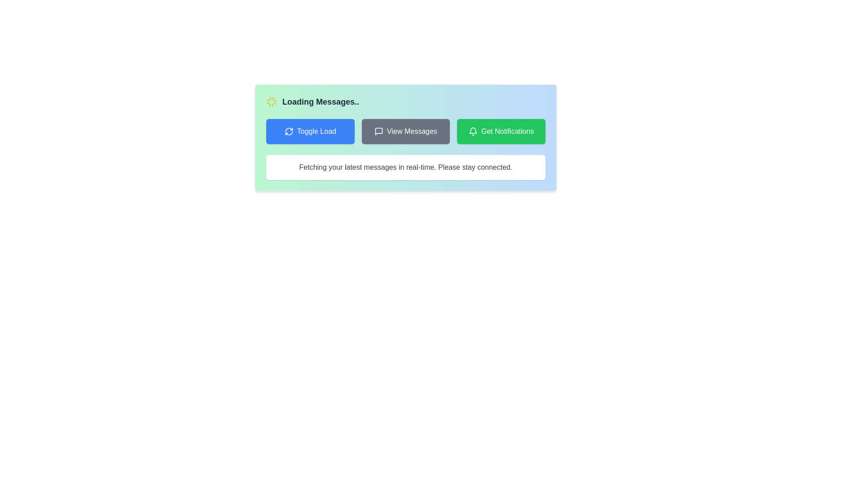 The width and height of the screenshot is (862, 485). I want to click on the text box with a white background and rounded corners that displays the message 'Fetching your latest messages in real-time. Please stay connected.', so click(405, 168).